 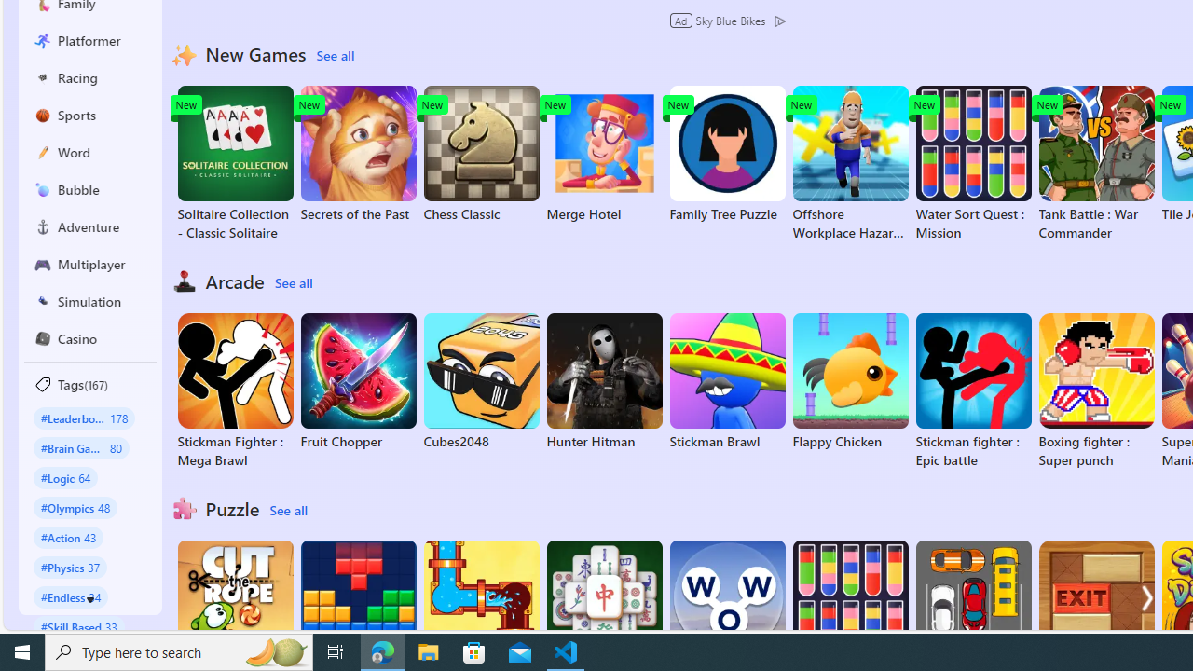 What do you see at coordinates (83, 417) in the screenshot?
I see `'#Leaderboard 178'` at bounding box center [83, 417].